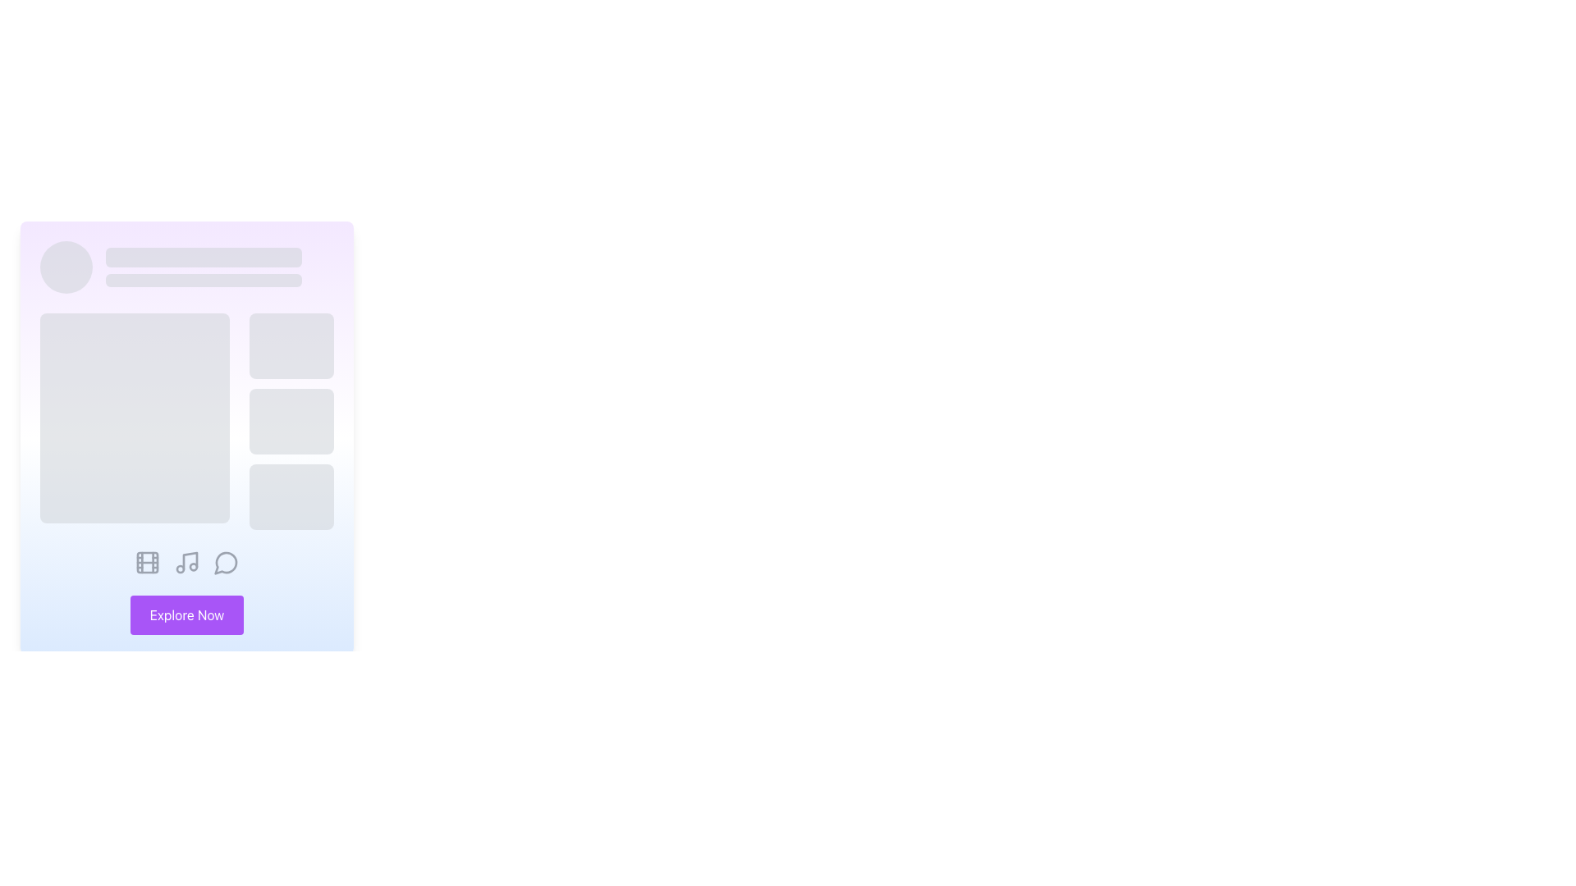 This screenshot has width=1576, height=886. I want to click on the middle loading placeholder component, which is a light gray, rounded, animated pulsating element located to the right of a larger rectangular section, so click(291, 420).